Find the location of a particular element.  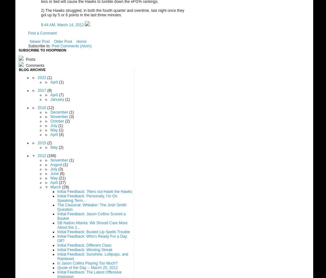

'January' is located at coordinates (50, 99).